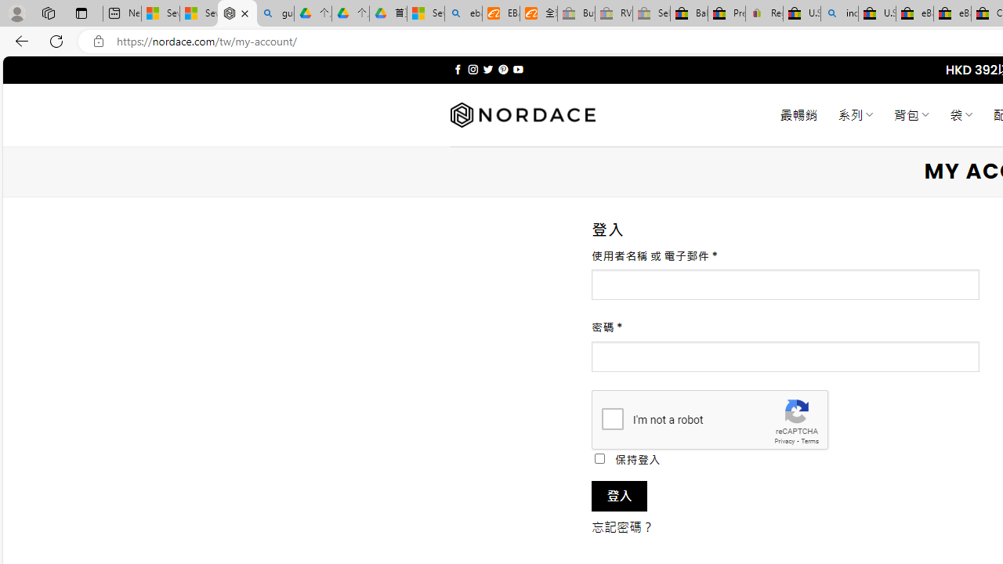 Image resolution: width=1003 pixels, height=564 pixels. What do you see at coordinates (651, 13) in the screenshot?
I see `'Sell worldwide with eBay - Sleeping'` at bounding box center [651, 13].